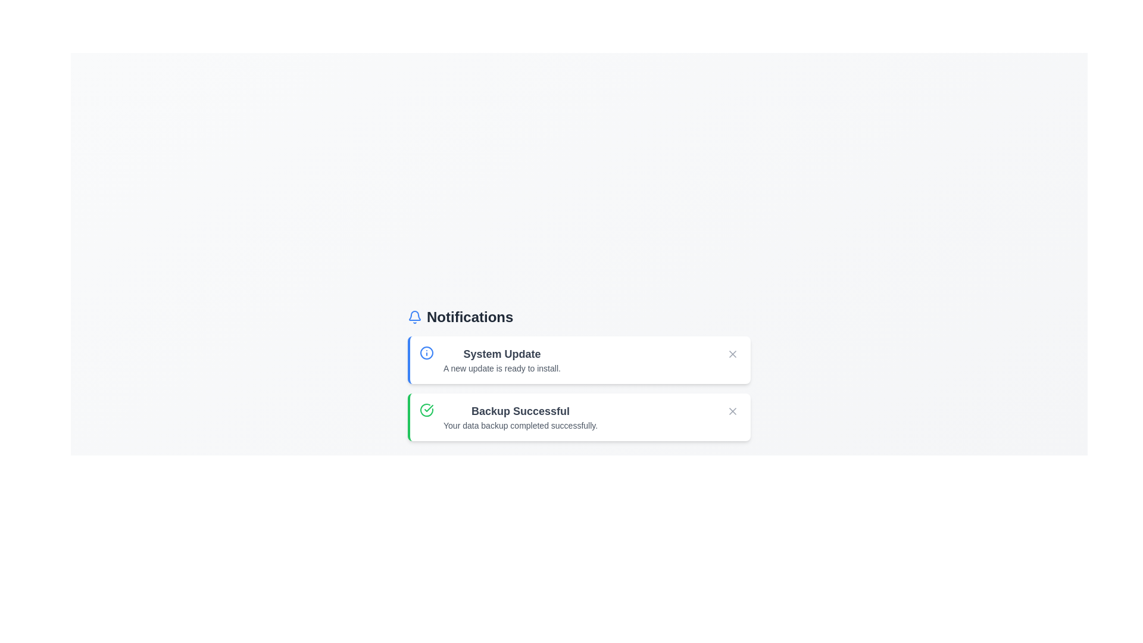  Describe the element at coordinates (732, 410) in the screenshot. I see `the small gray 'X' icon button at the top right corner of the 'Backup Successful' notification card to change its color to red` at that location.